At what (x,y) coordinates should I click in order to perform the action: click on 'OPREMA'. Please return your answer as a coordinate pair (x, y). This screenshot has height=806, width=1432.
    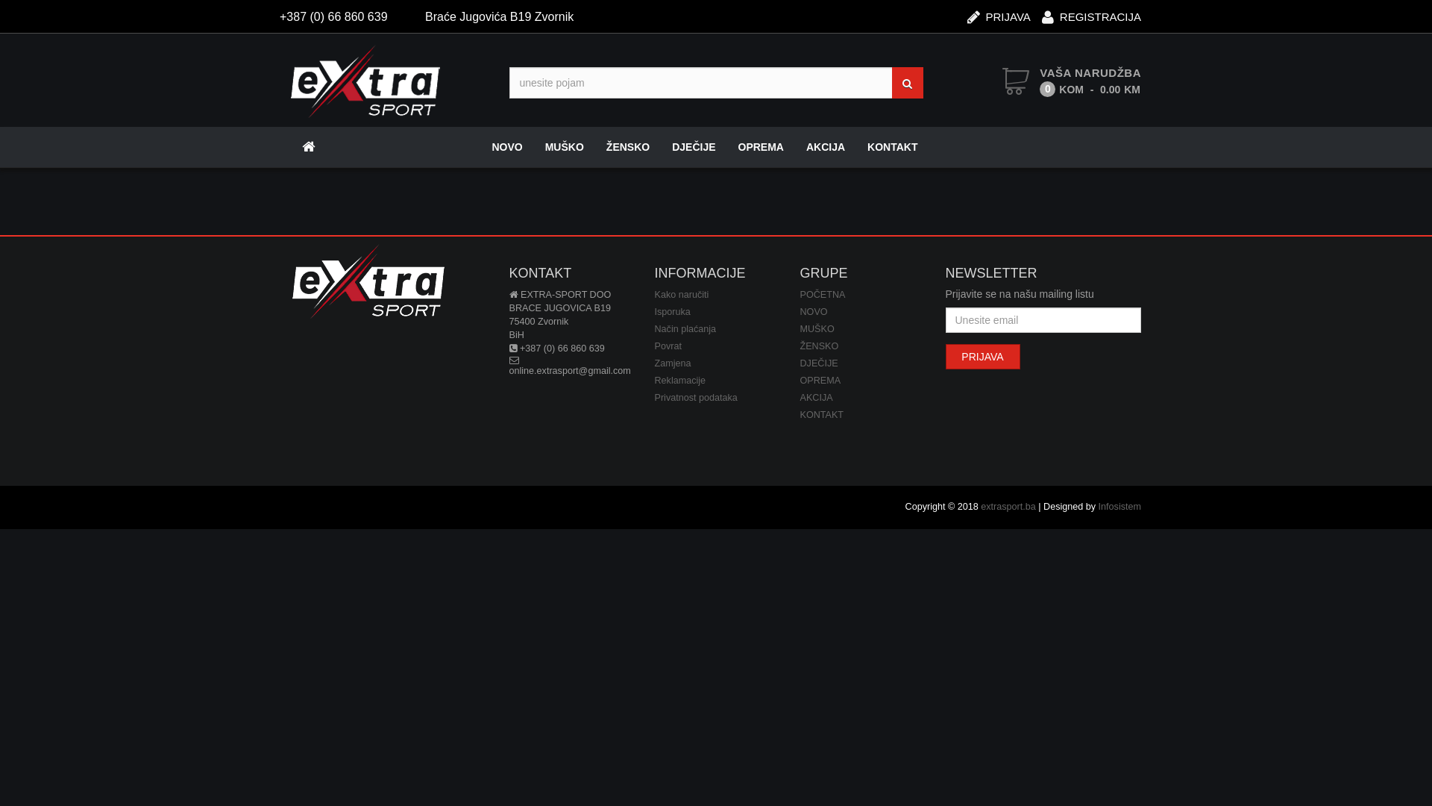
    Looking at the image, I should click on (761, 146).